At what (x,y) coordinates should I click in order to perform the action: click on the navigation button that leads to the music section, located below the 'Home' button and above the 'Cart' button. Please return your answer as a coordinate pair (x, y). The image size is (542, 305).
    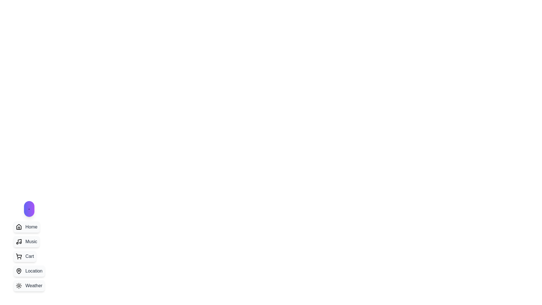
    Looking at the image, I should click on (29, 246).